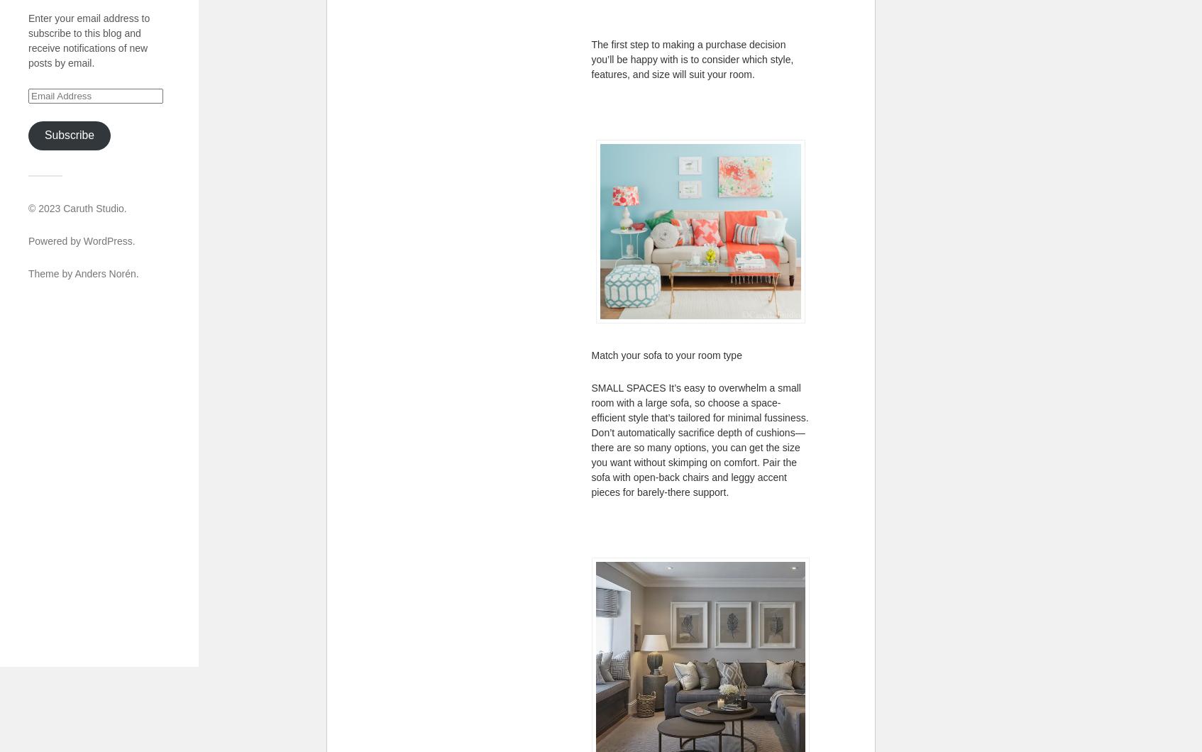 The image size is (1202, 752). What do you see at coordinates (83, 240) in the screenshot?
I see `'WordPress'` at bounding box center [83, 240].